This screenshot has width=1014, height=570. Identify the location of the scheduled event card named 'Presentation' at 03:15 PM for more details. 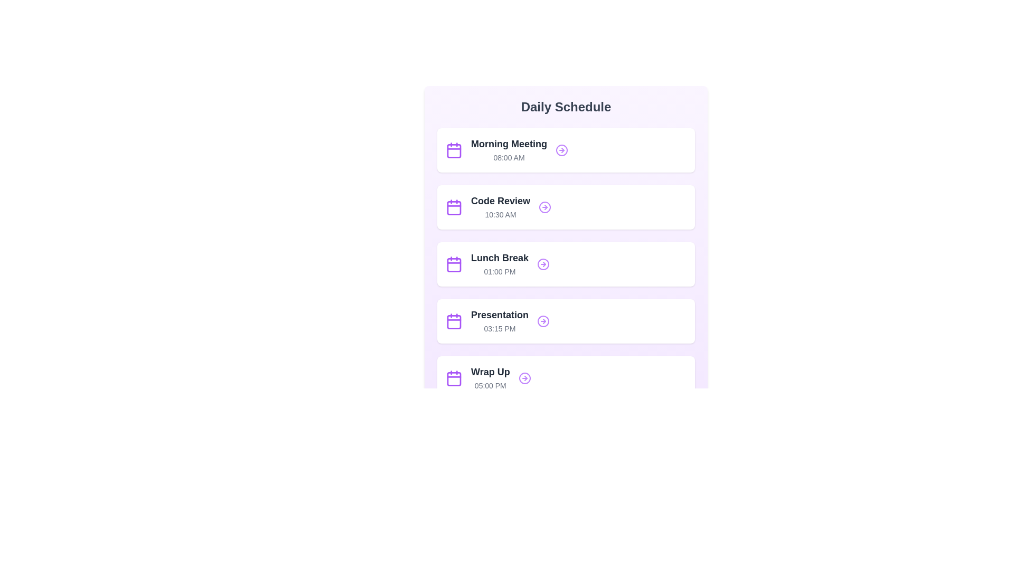
(565, 321).